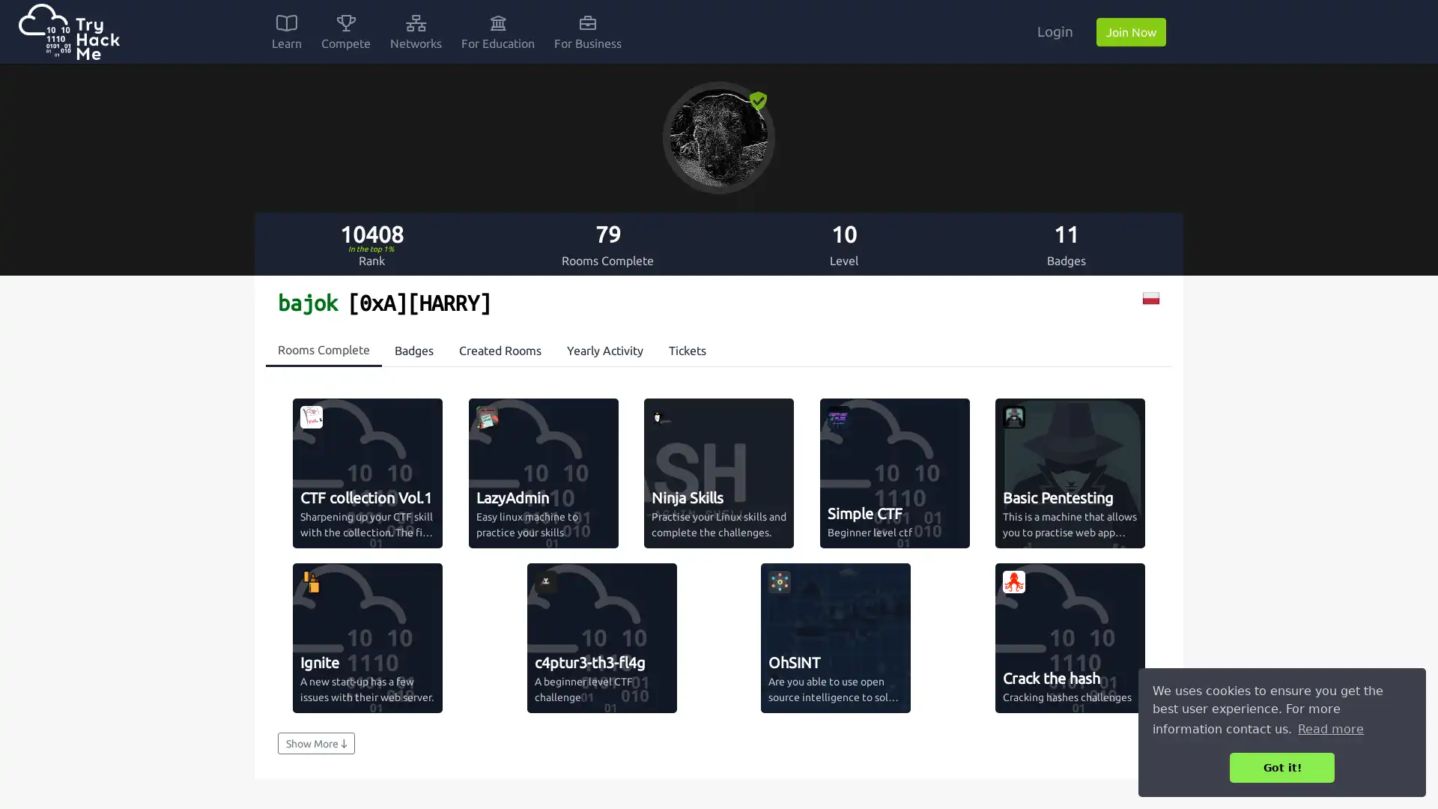  I want to click on Show More, so click(315, 743).